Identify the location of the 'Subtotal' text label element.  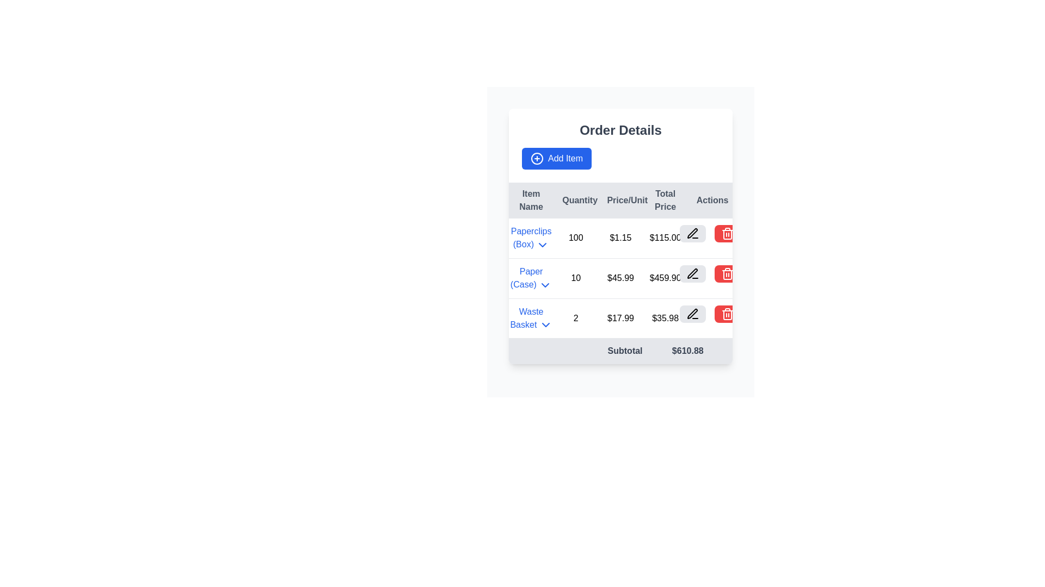
(575, 351).